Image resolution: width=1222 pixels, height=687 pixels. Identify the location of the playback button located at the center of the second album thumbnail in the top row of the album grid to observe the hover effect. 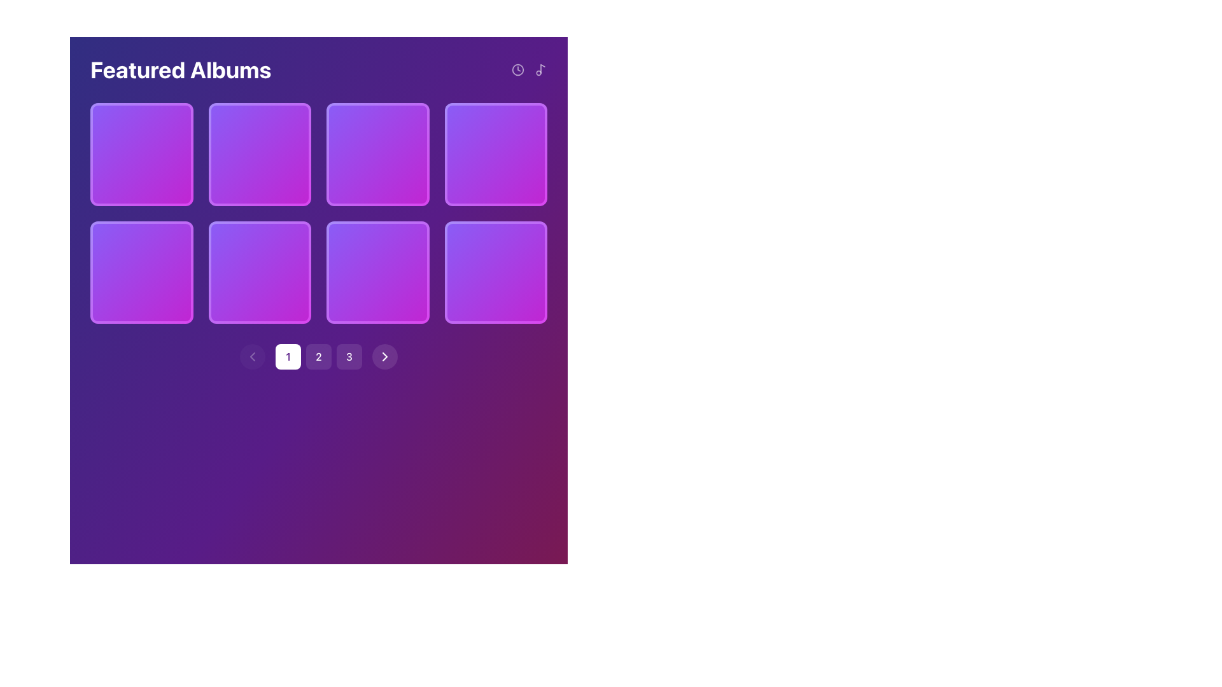
(377, 153).